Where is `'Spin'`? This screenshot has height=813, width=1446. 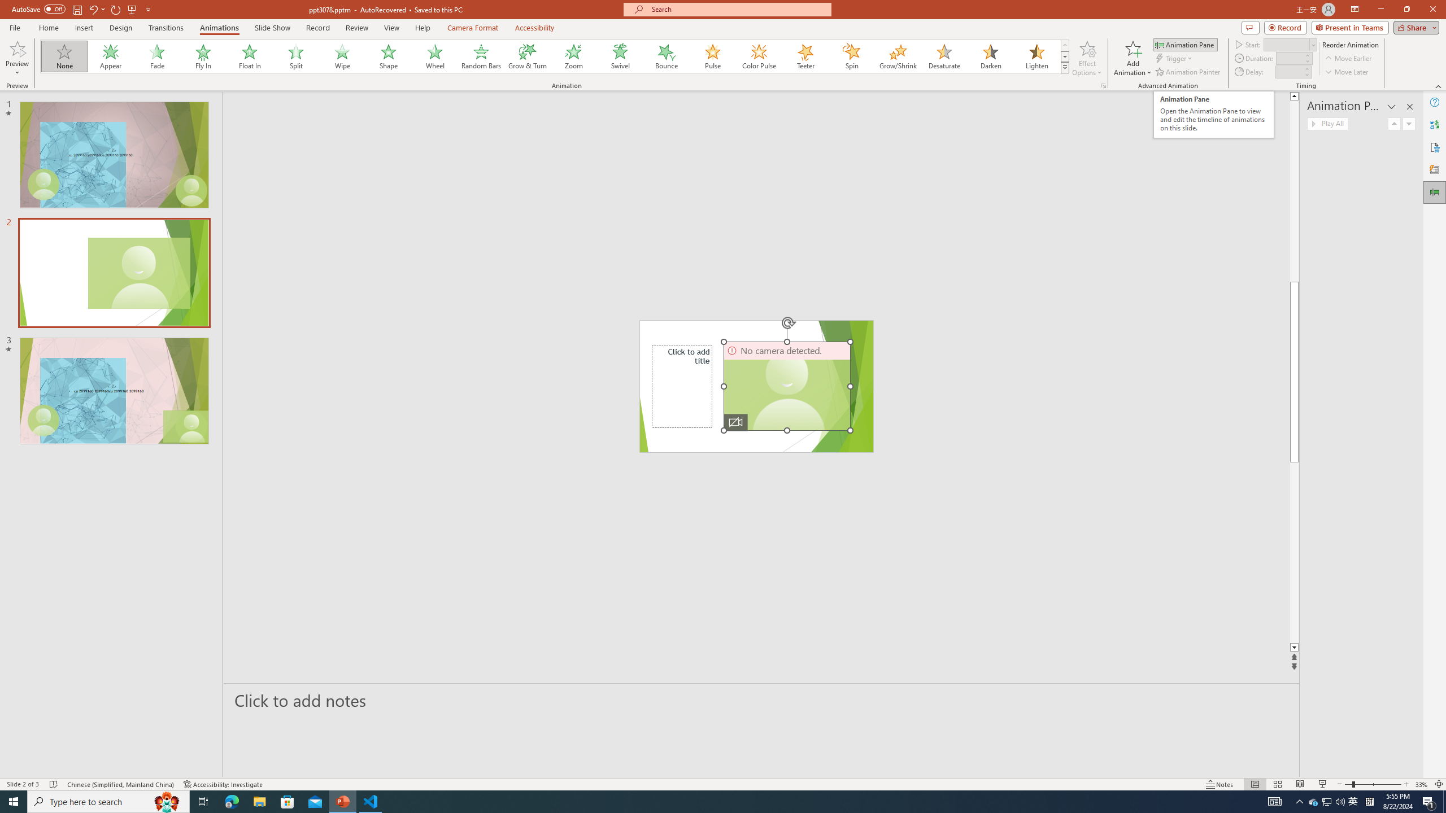 'Spin' is located at coordinates (851, 56).